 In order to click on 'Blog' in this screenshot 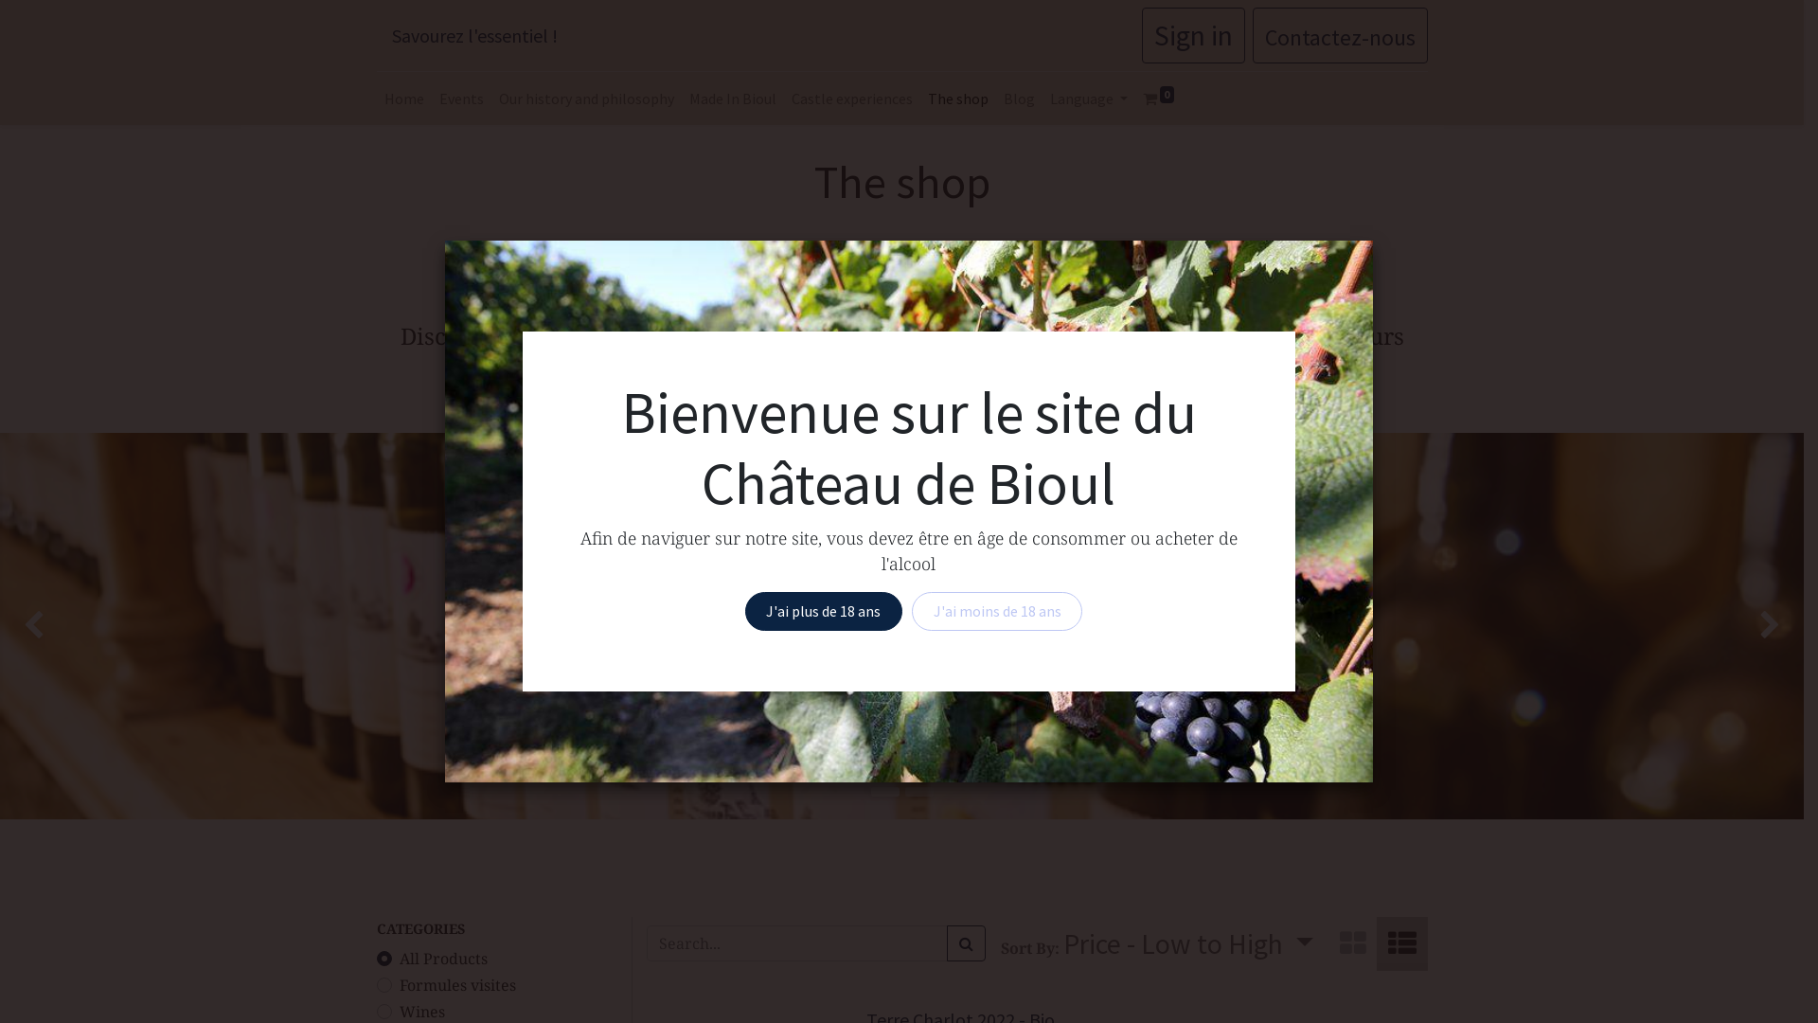, I will do `click(1018, 99)`.